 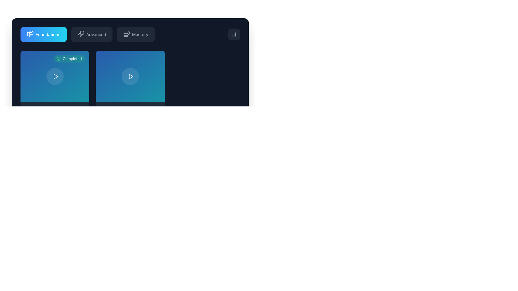 I want to click on the 'Foundations' tab, which contains an icon resembling an opened book, so click(x=29, y=34).